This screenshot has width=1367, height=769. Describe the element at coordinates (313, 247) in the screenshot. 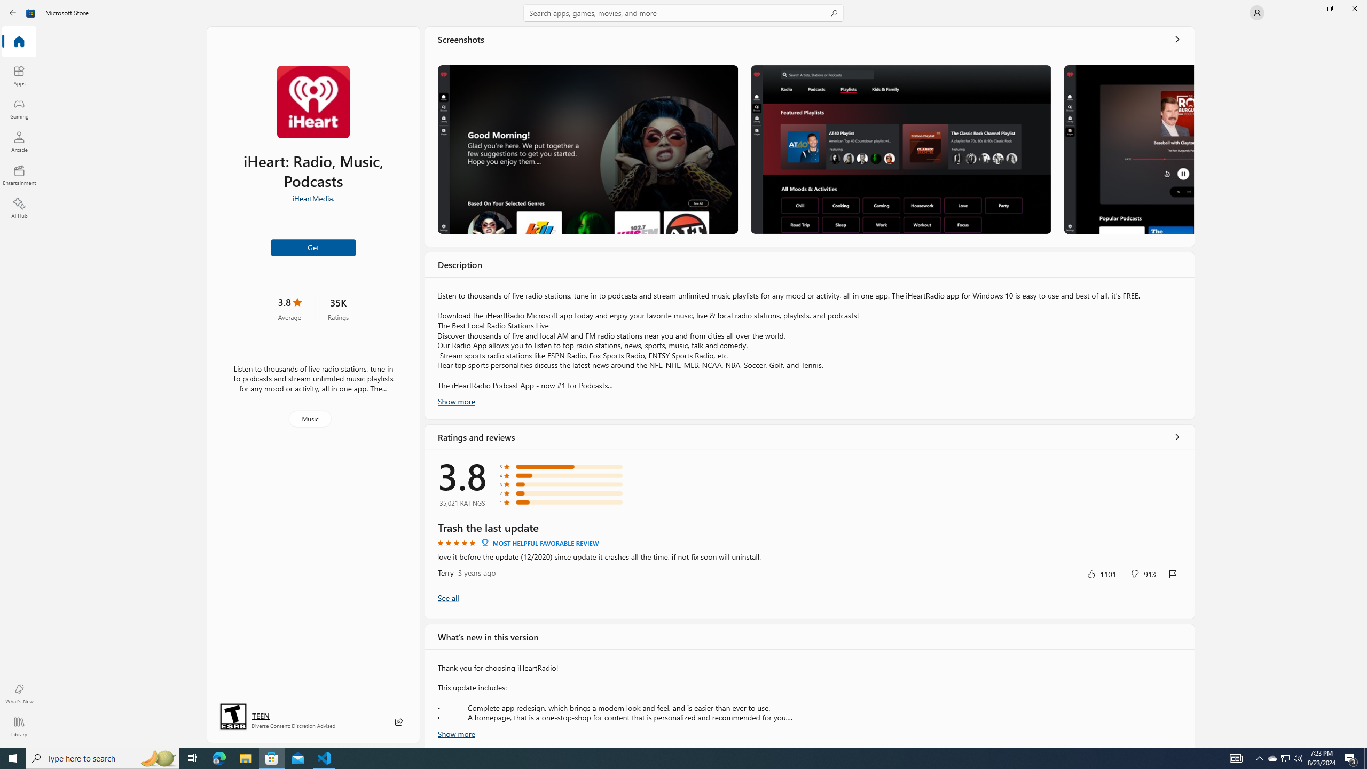

I see `'Get'` at that location.